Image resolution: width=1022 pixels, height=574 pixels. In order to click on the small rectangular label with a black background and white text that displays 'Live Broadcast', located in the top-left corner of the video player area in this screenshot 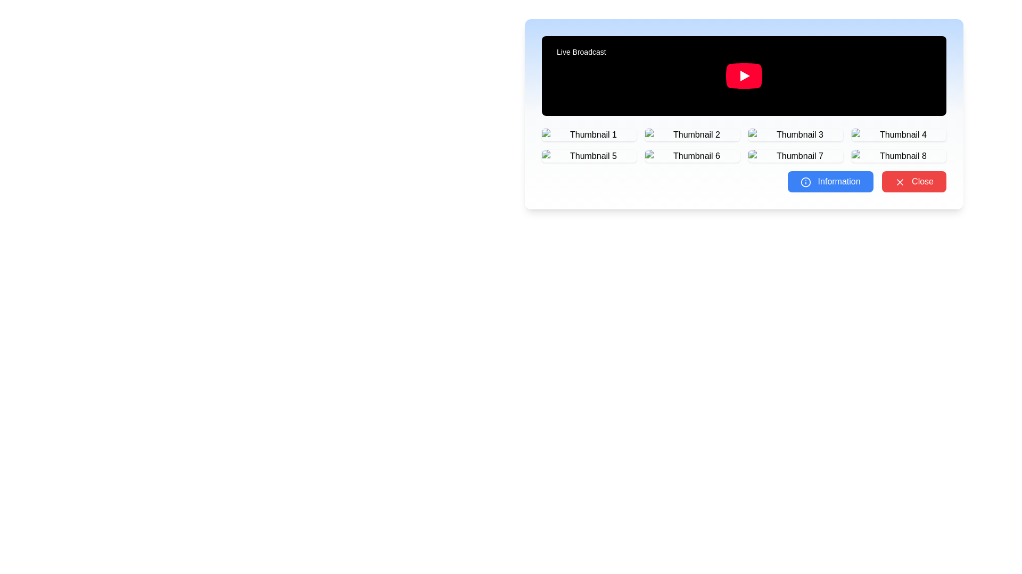, I will do `click(581, 52)`.